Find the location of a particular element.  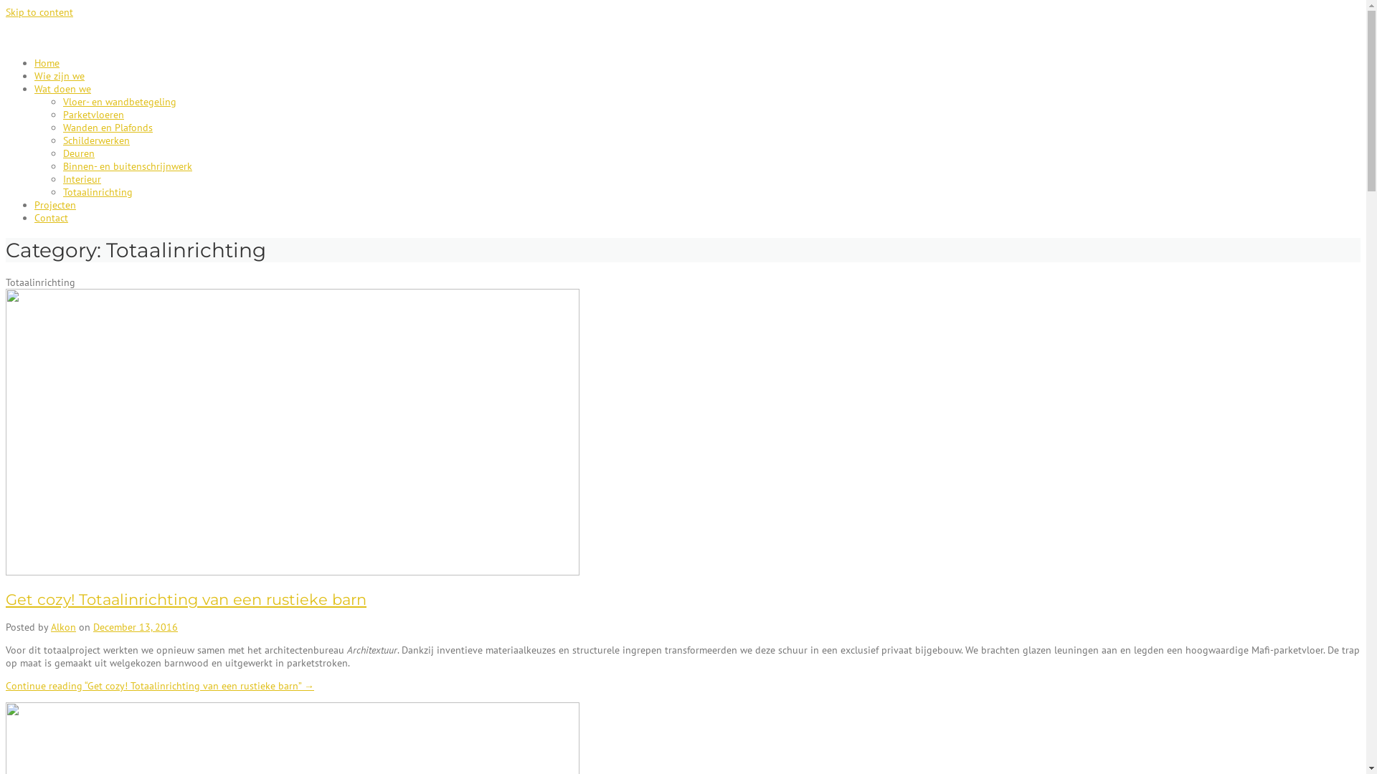

'Parketvloeren' is located at coordinates (93, 113).